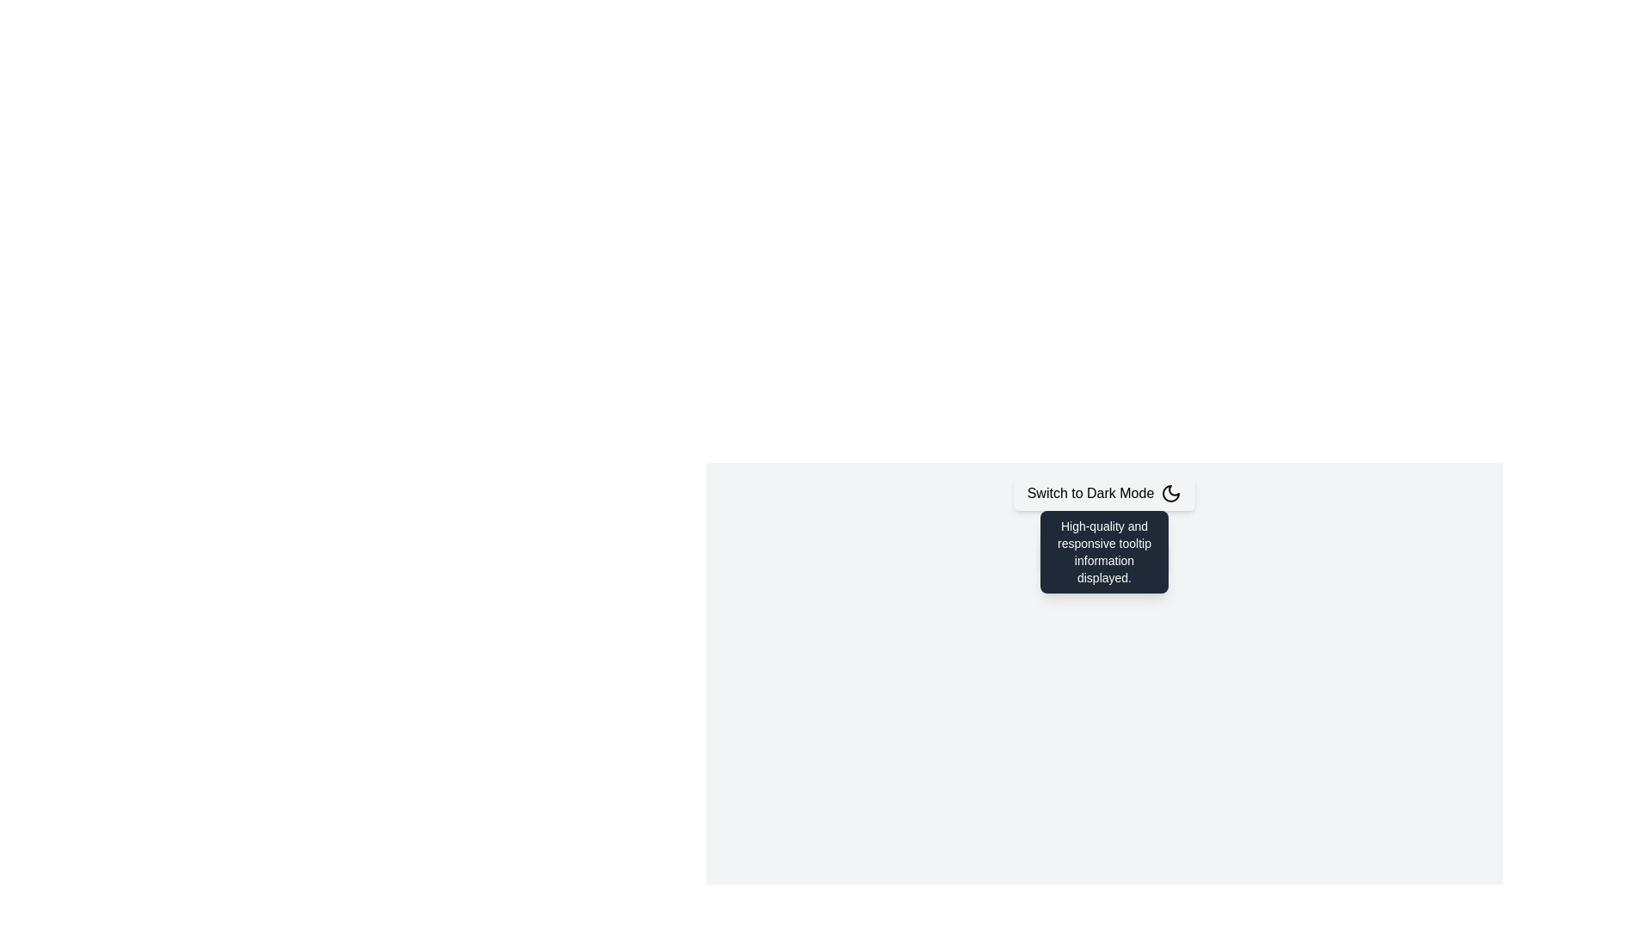  What do you see at coordinates (1170, 494) in the screenshot?
I see `the dark mode icon located within the 'Switch to Dark Mode' button` at bounding box center [1170, 494].